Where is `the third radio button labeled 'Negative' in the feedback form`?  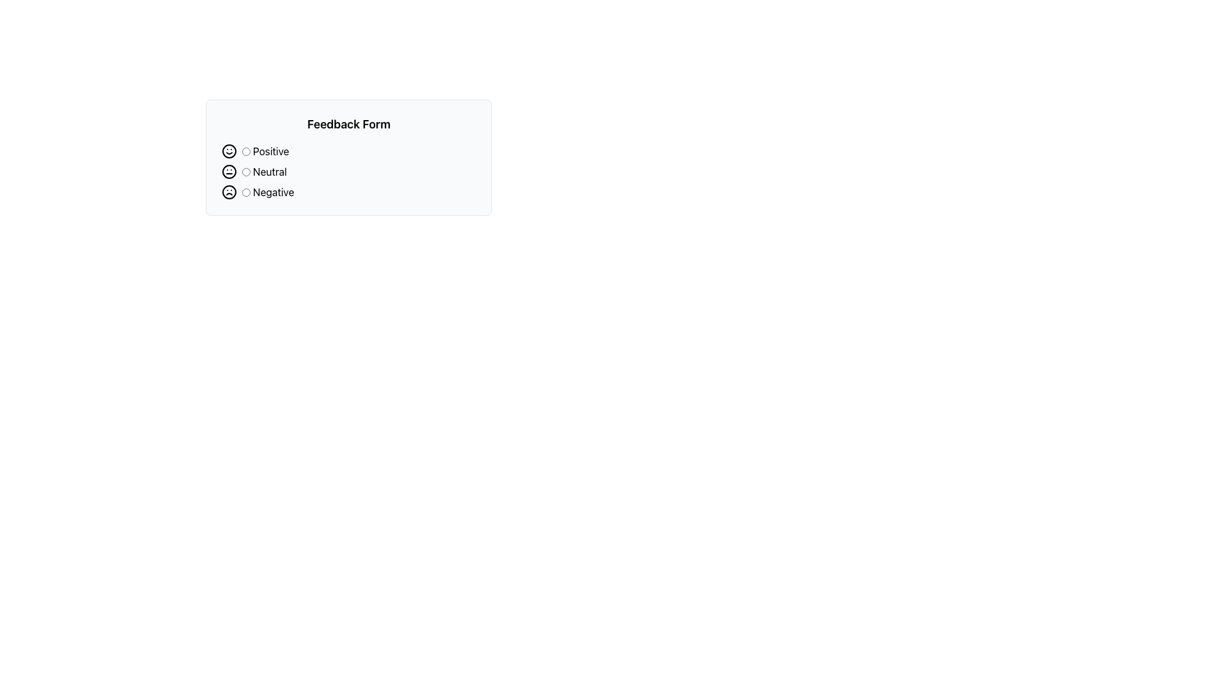 the third radio button labeled 'Negative' in the feedback form is located at coordinates (246, 192).